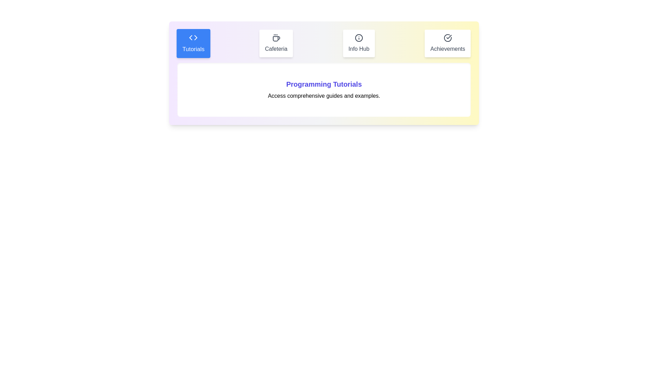 This screenshot has width=664, height=373. Describe the element at coordinates (448, 44) in the screenshot. I see `the Achievements tab to switch to its content` at that location.